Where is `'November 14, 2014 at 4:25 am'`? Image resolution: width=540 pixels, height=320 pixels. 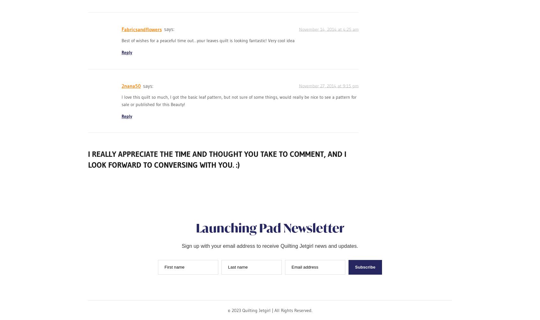 'November 14, 2014 at 4:25 am' is located at coordinates (328, 28).